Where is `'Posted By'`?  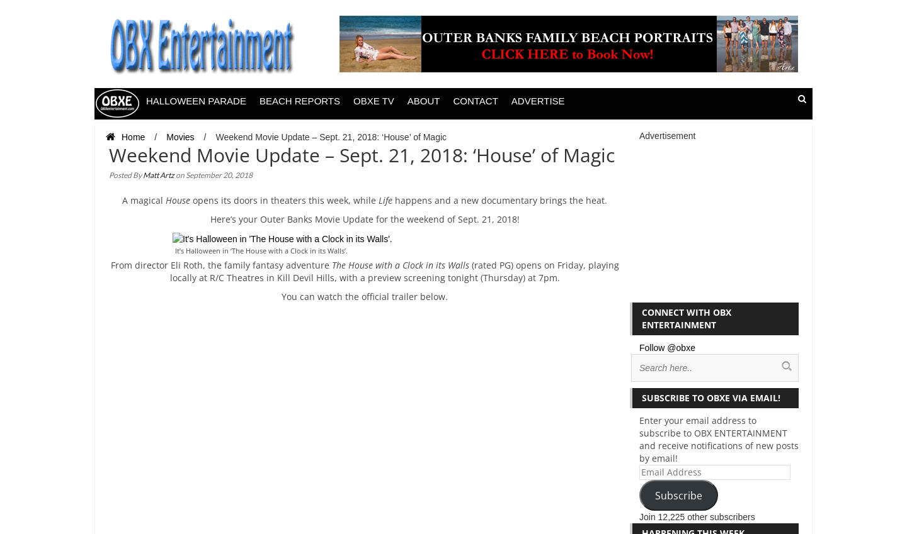
'Posted By' is located at coordinates (126, 175).